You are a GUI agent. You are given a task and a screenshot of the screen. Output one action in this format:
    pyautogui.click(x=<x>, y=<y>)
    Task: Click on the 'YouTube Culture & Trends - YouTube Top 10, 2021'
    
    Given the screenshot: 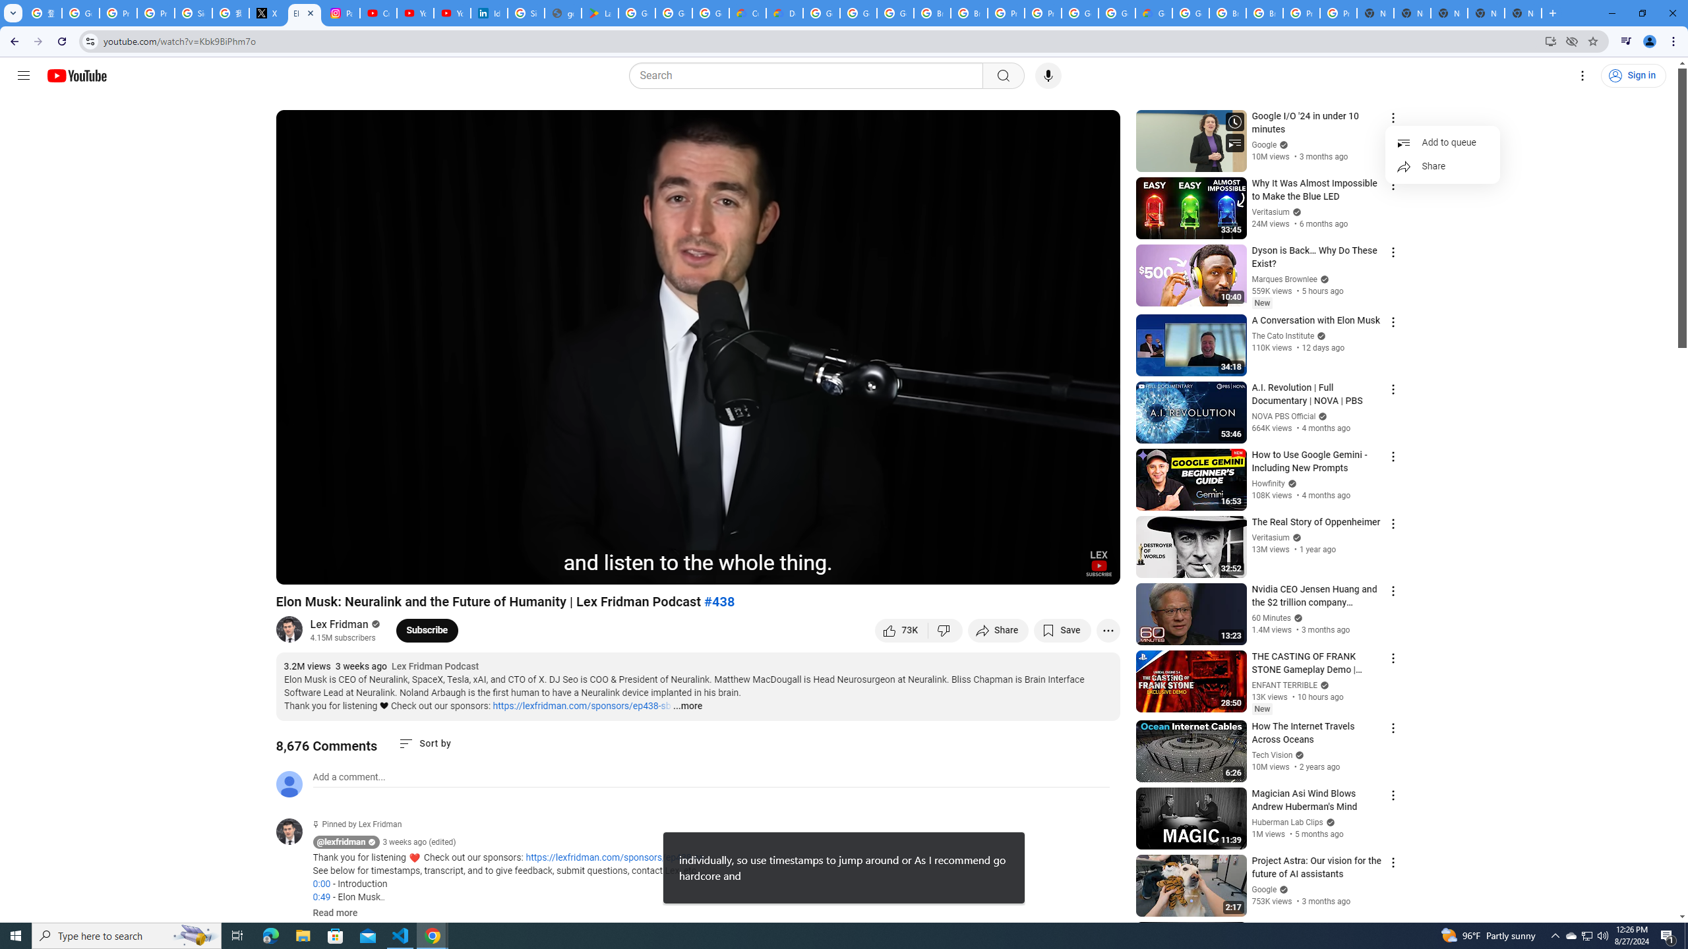 What is the action you would take?
    pyautogui.click(x=452, y=13)
    